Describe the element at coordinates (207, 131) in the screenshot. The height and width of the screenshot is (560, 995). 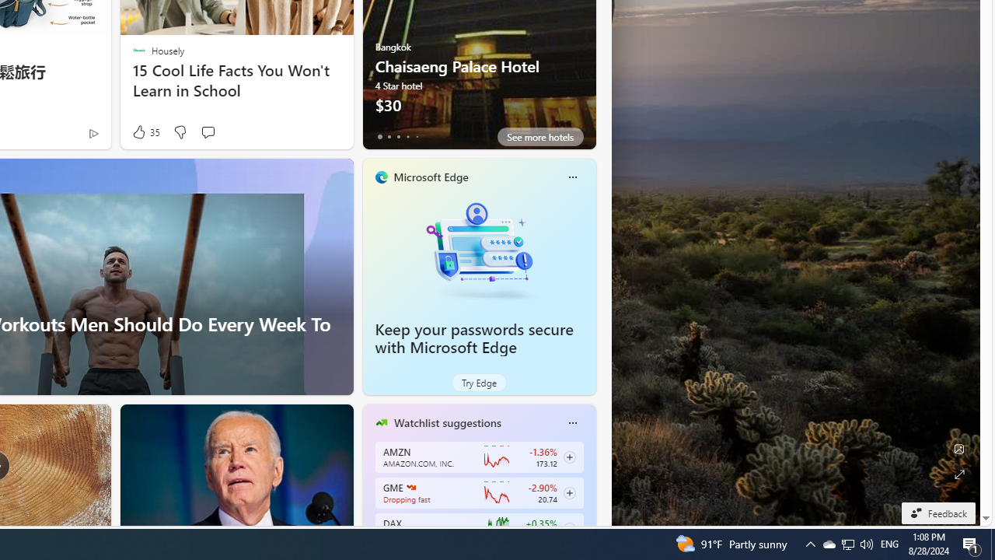
I see `'Start the conversation'` at that location.